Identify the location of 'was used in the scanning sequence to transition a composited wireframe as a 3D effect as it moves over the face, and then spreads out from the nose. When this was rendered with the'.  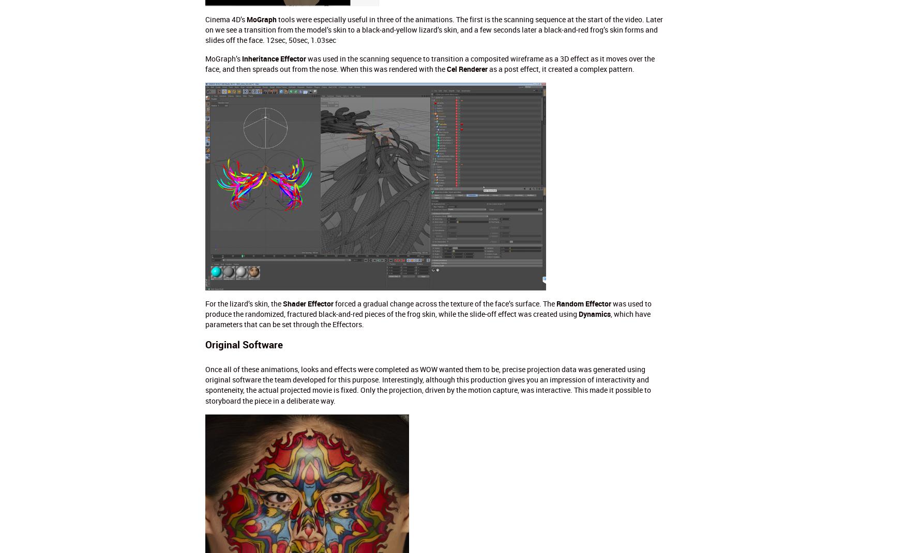
(429, 64).